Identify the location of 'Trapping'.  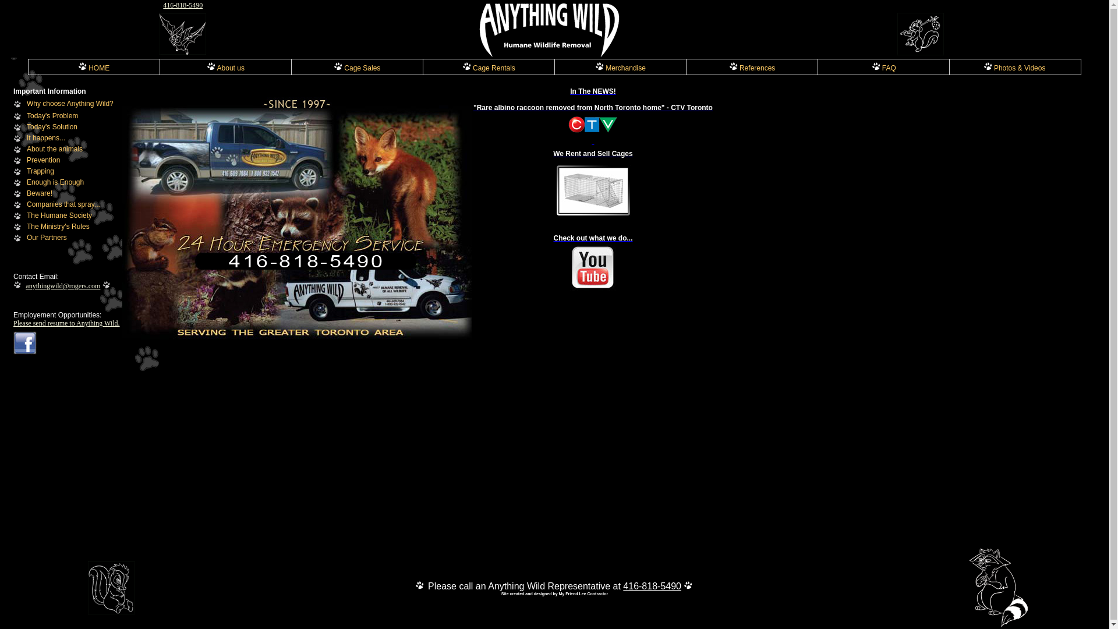
(40, 171).